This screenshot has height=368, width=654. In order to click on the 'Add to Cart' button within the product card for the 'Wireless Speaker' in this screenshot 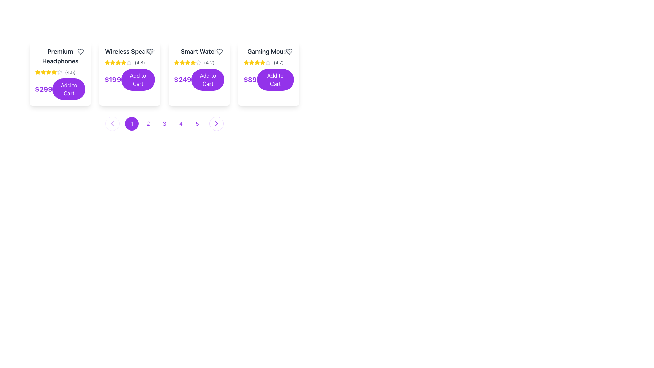, I will do `click(129, 79)`.